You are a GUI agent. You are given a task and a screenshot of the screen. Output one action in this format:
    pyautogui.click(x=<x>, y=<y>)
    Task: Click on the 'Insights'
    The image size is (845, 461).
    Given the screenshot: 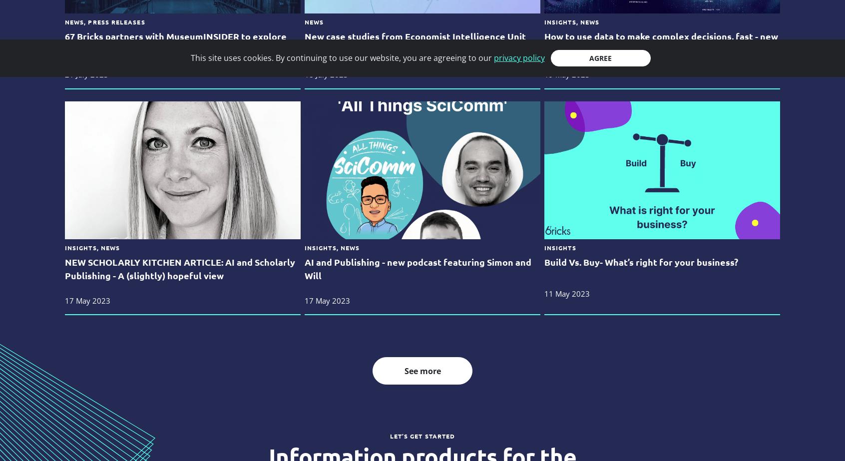 What is the action you would take?
    pyautogui.click(x=559, y=247)
    